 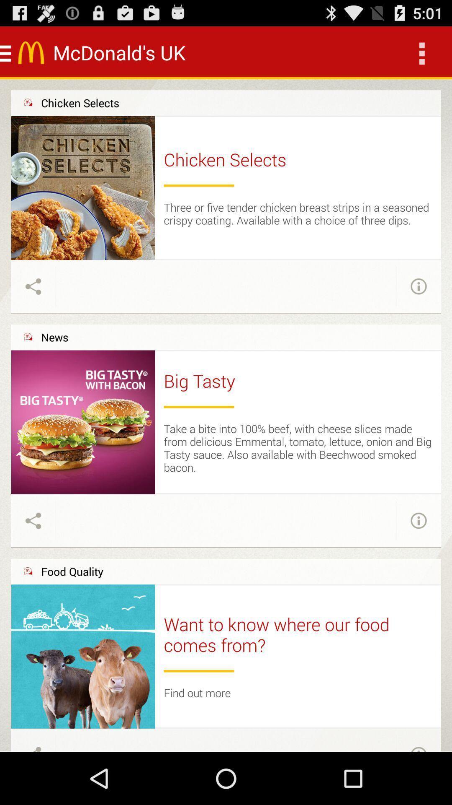 I want to click on the icon above find out more, so click(x=199, y=671).